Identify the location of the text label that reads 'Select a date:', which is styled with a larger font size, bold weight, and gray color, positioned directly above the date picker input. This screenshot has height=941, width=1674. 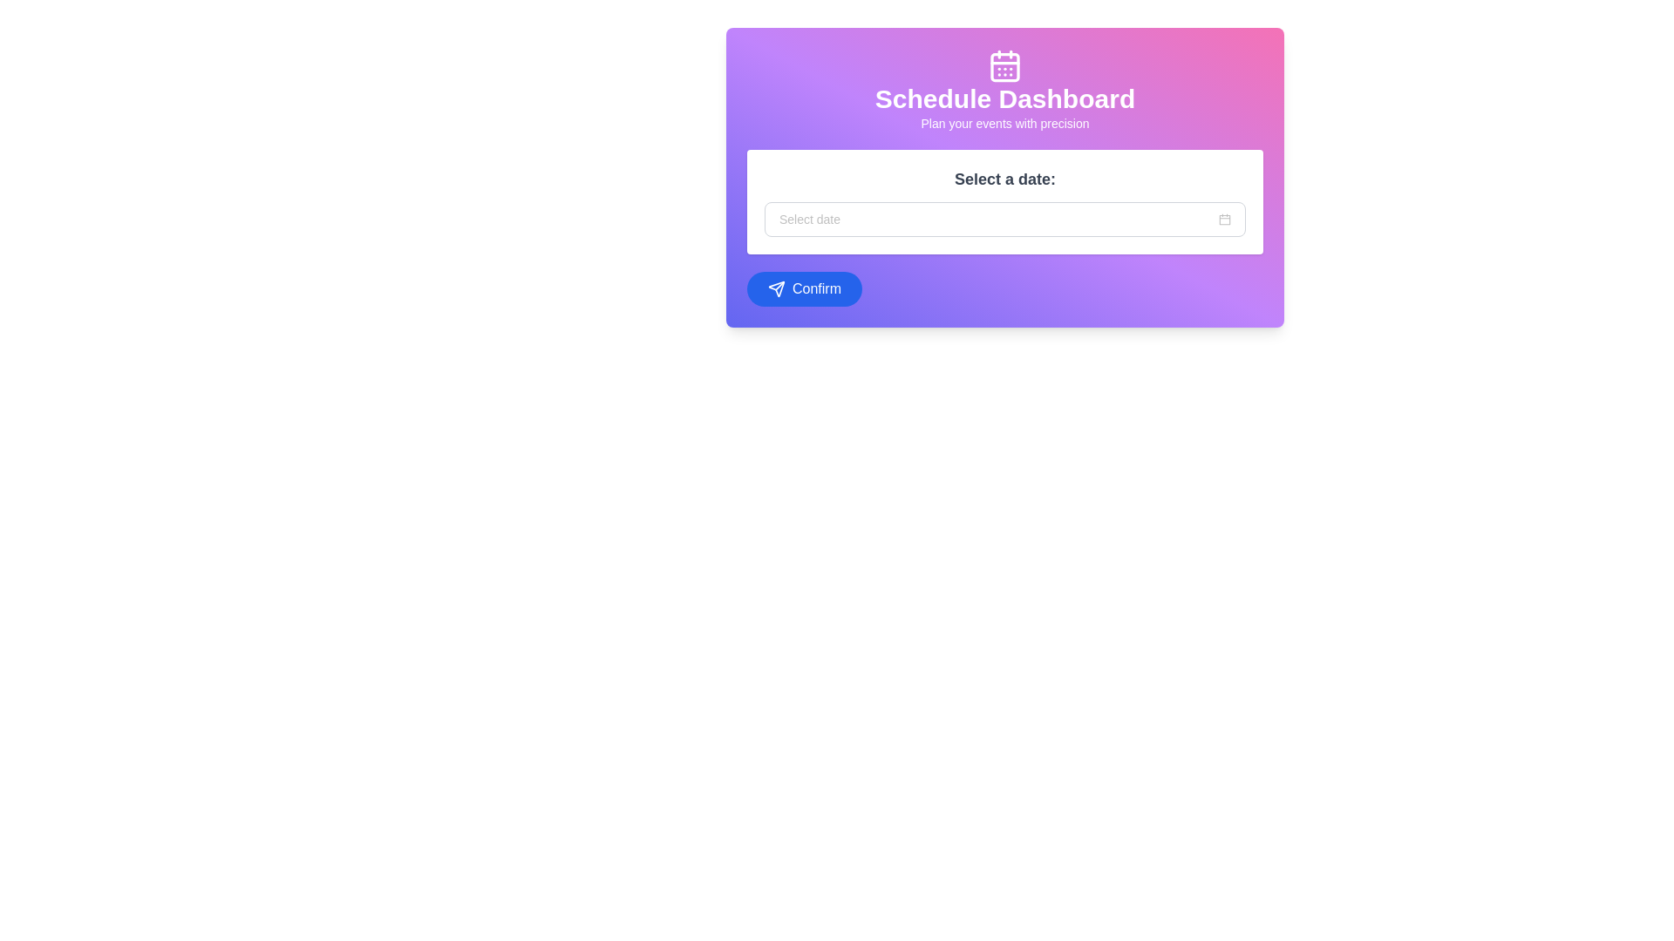
(1004, 179).